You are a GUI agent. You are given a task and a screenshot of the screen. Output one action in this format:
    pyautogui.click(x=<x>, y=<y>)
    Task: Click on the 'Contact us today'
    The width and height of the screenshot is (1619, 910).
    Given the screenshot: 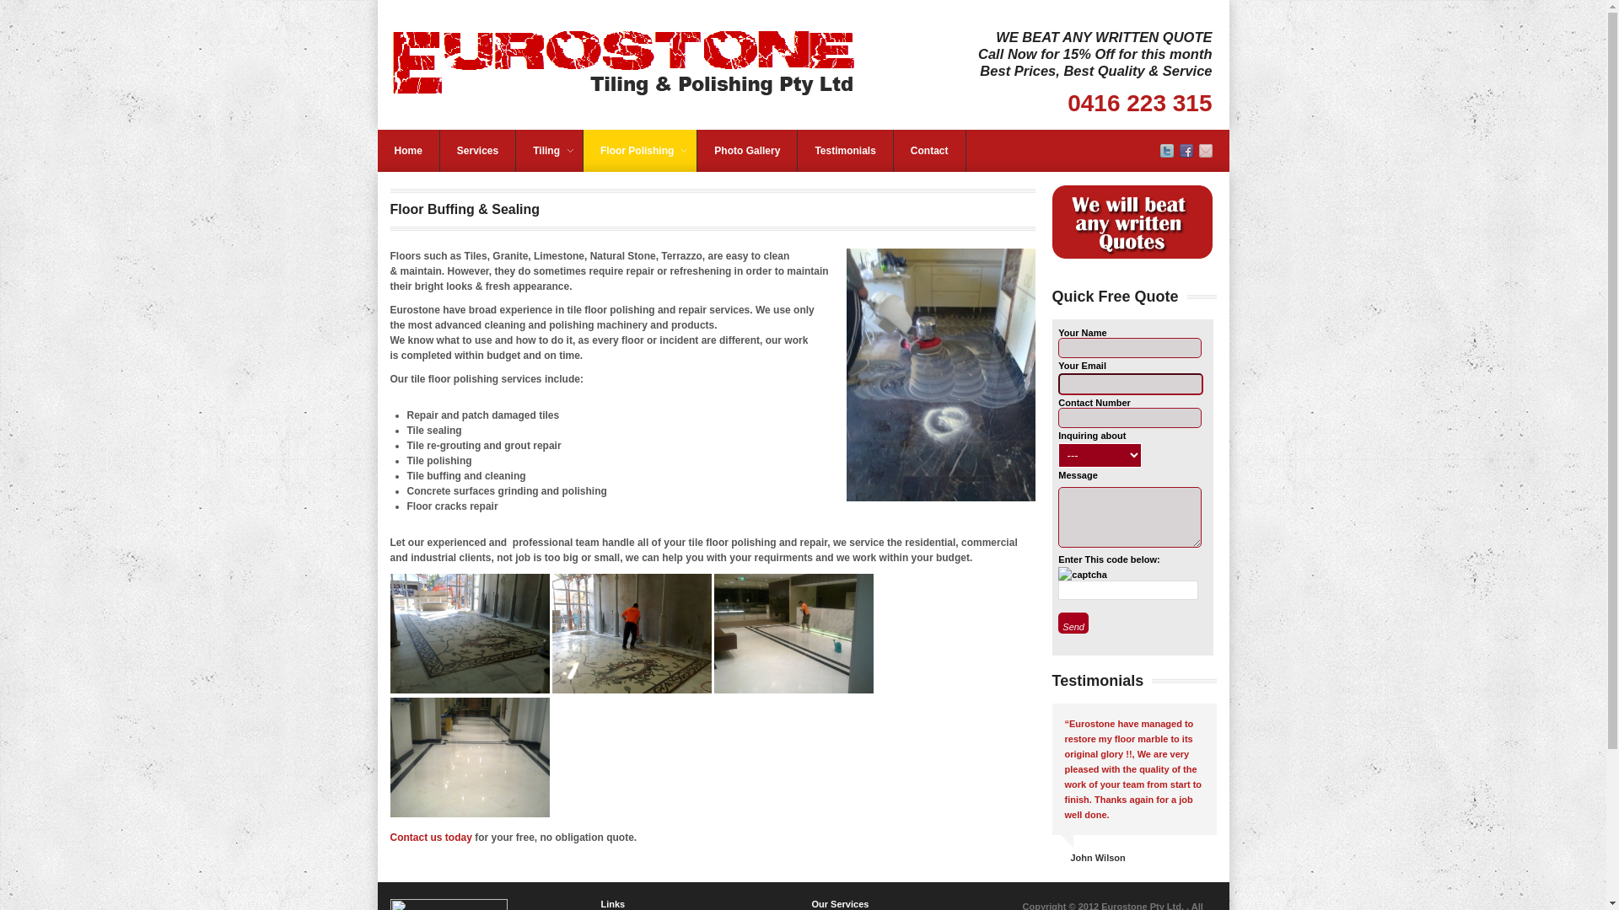 What is the action you would take?
    pyautogui.click(x=430, y=838)
    